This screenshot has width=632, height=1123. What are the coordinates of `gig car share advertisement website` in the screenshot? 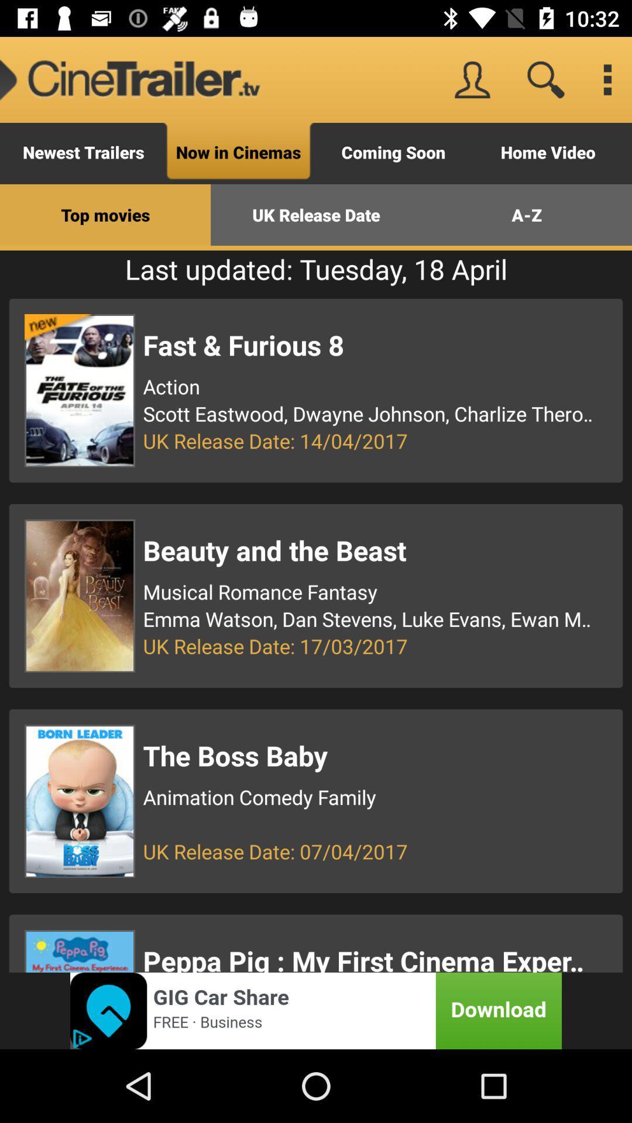 It's located at (316, 1010).